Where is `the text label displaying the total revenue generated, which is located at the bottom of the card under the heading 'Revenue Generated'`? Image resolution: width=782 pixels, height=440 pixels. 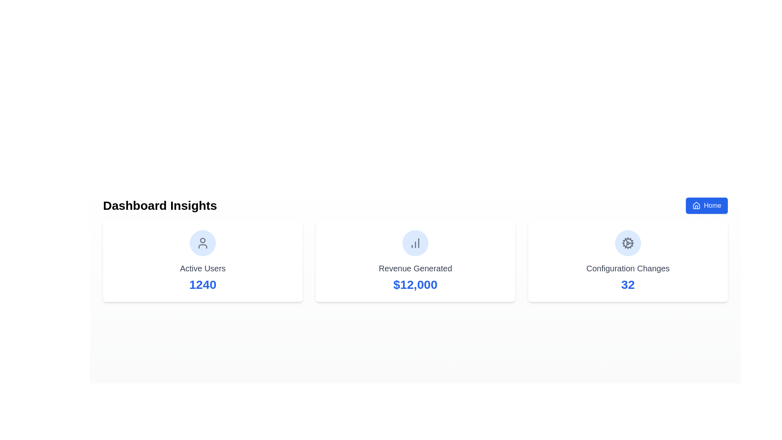 the text label displaying the total revenue generated, which is located at the bottom of the card under the heading 'Revenue Generated' is located at coordinates (415, 284).